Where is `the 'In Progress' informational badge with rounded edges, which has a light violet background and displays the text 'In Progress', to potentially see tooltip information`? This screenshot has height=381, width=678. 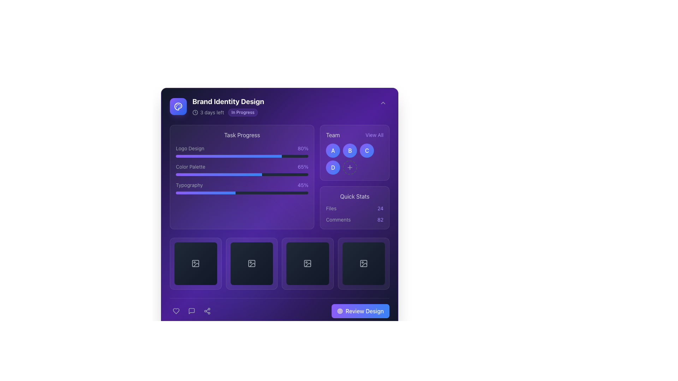 the 'In Progress' informational badge with rounded edges, which has a light violet background and displays the text 'In Progress', to potentially see tooltip information is located at coordinates (243, 112).